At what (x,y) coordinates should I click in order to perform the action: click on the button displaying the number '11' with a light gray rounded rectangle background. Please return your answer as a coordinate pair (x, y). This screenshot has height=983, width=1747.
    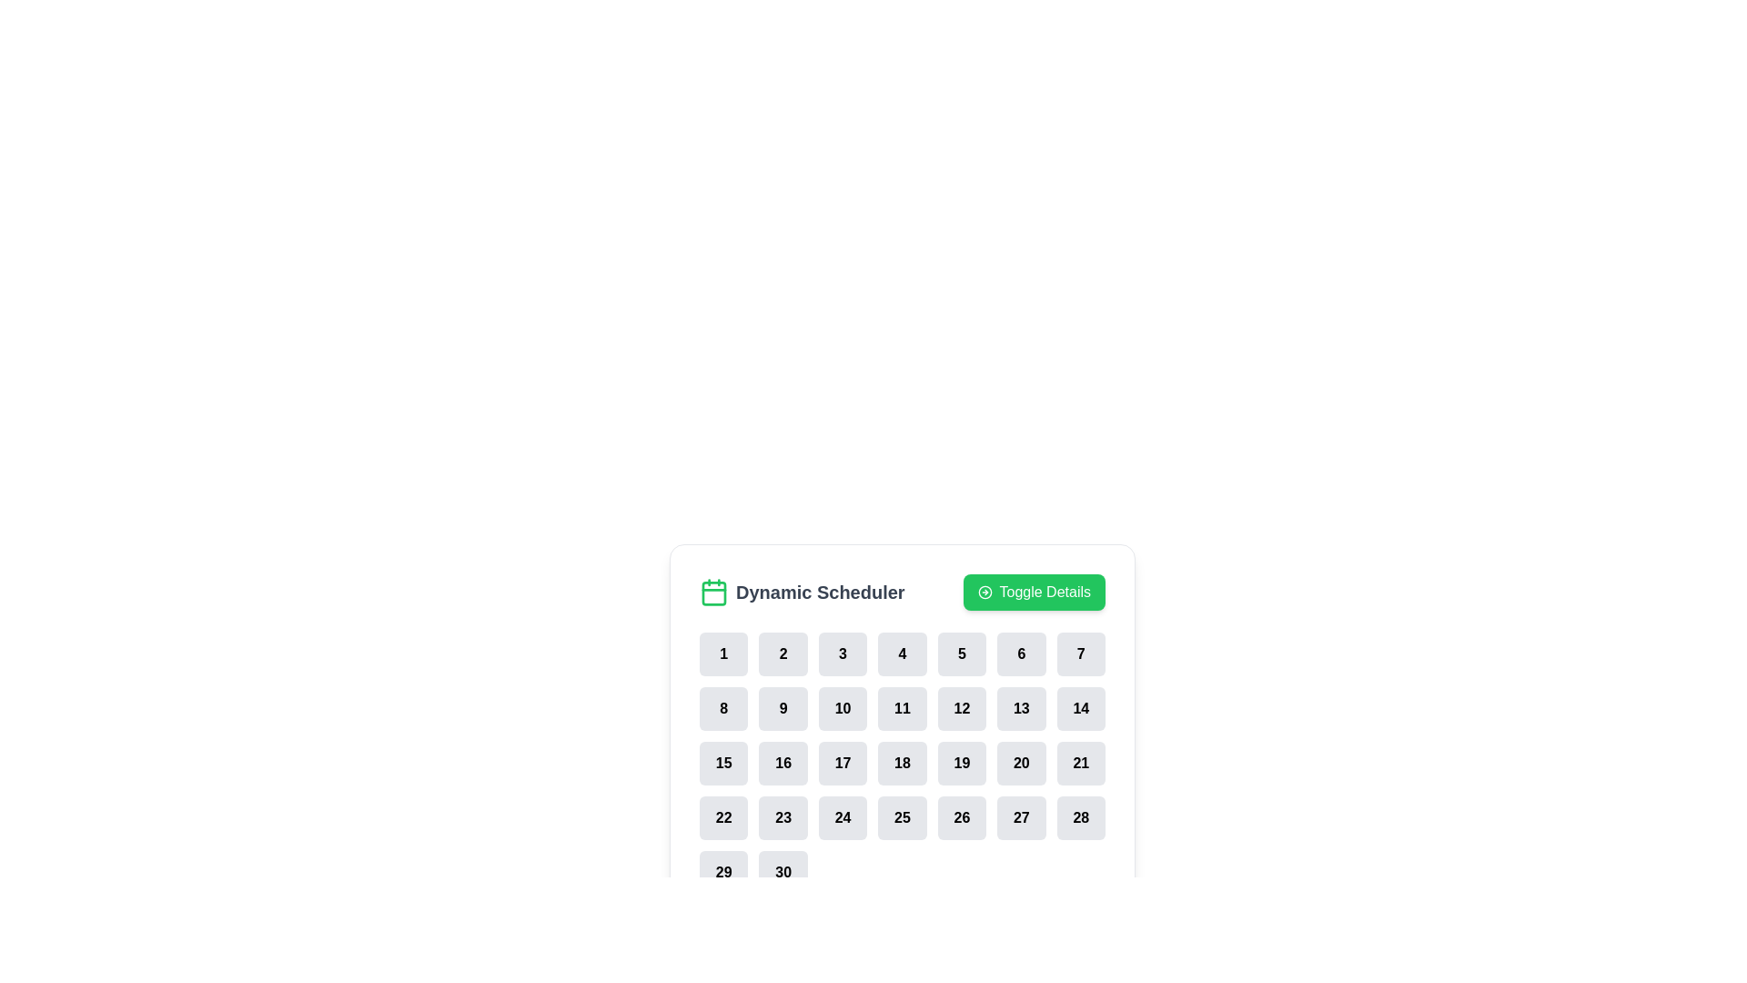
    Looking at the image, I should click on (903, 708).